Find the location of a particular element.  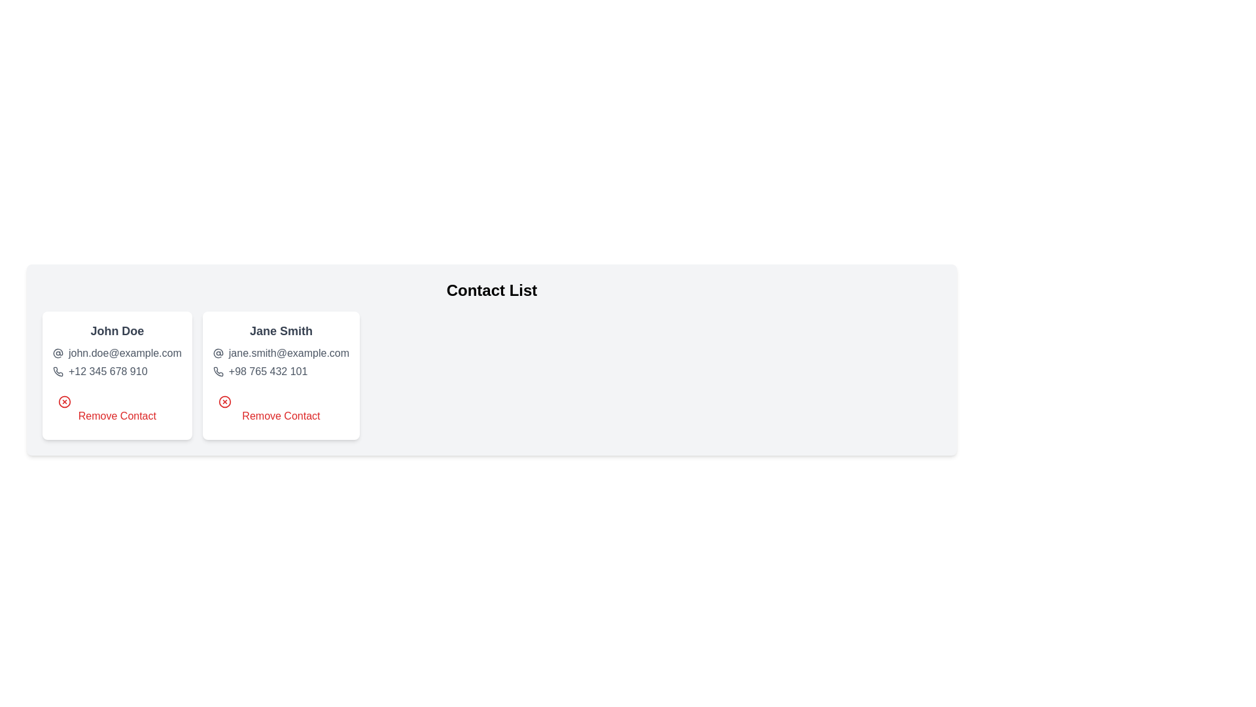

the 'Remove Contact' button for the contact with name Jane Smith is located at coordinates (280, 408).